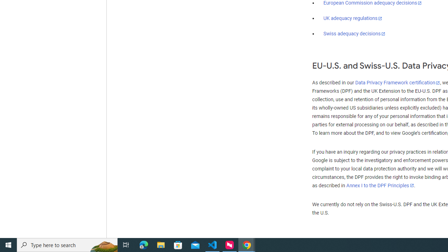  What do you see at coordinates (398, 83) in the screenshot?
I see `'Data Privacy Framework certification'` at bounding box center [398, 83].